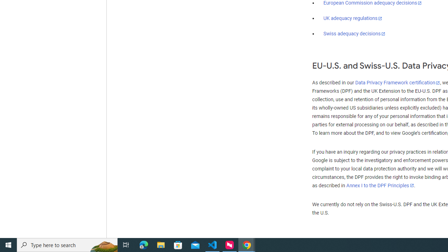  What do you see at coordinates (398, 83) in the screenshot?
I see `'Data Privacy Framework certification'` at bounding box center [398, 83].